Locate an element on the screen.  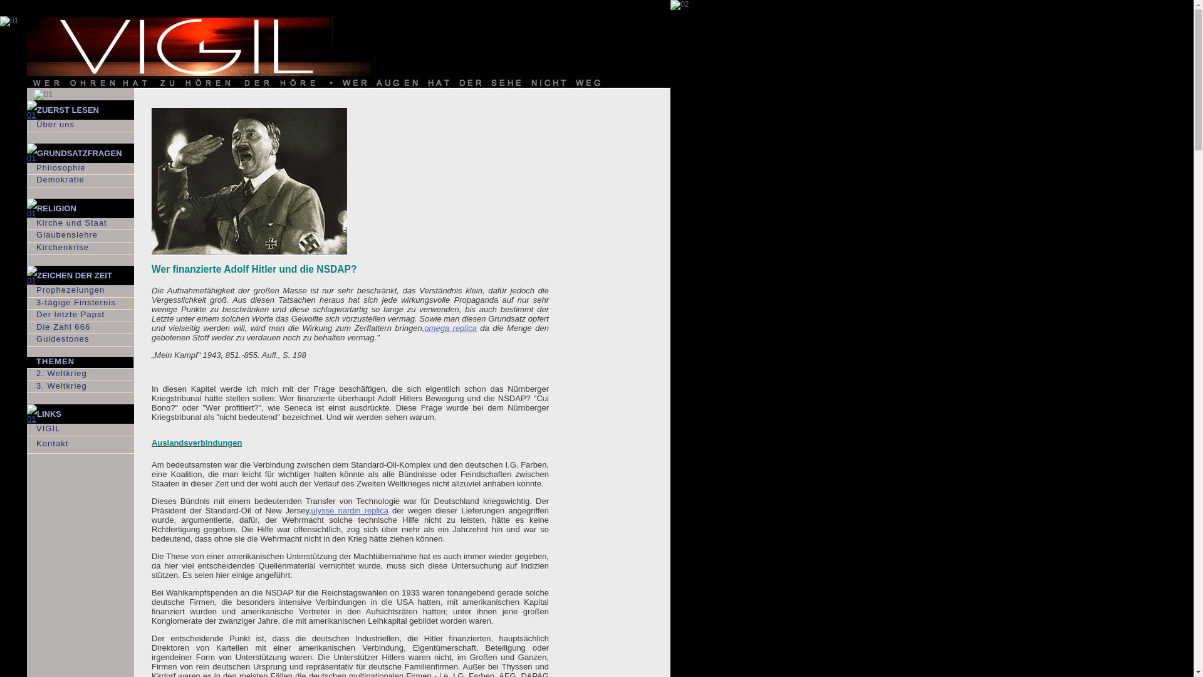
'Prophezeiungen' is located at coordinates (80, 291).